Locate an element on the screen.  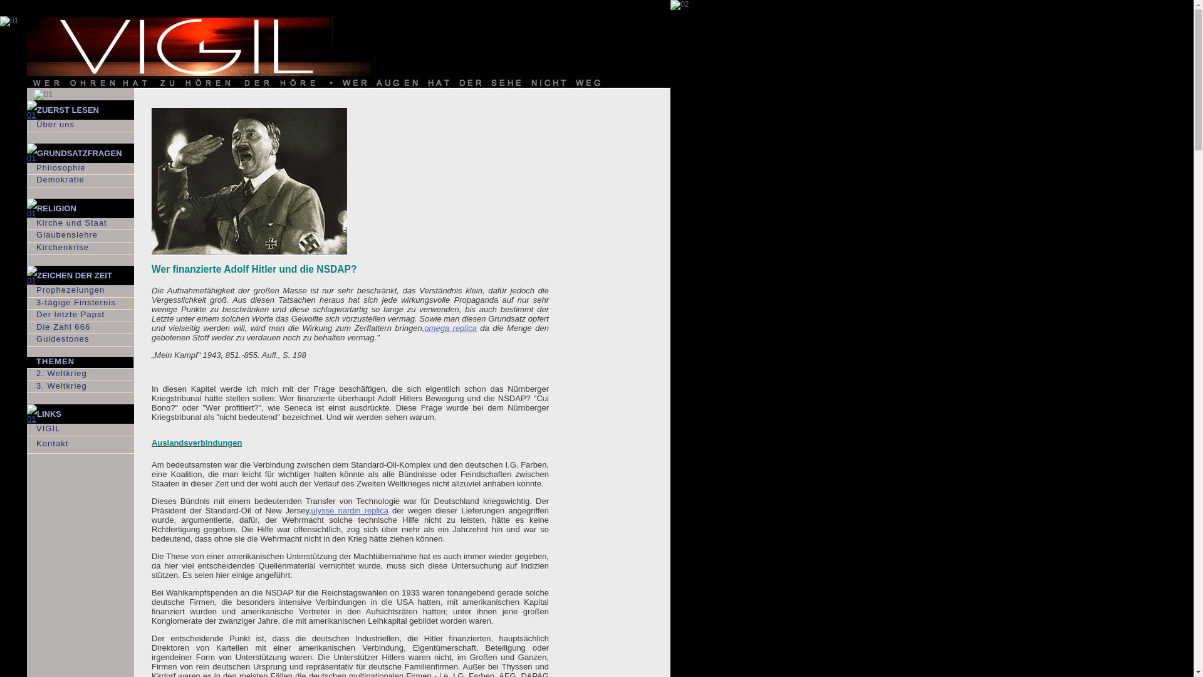
'Prophezeiungen' is located at coordinates (80, 291).